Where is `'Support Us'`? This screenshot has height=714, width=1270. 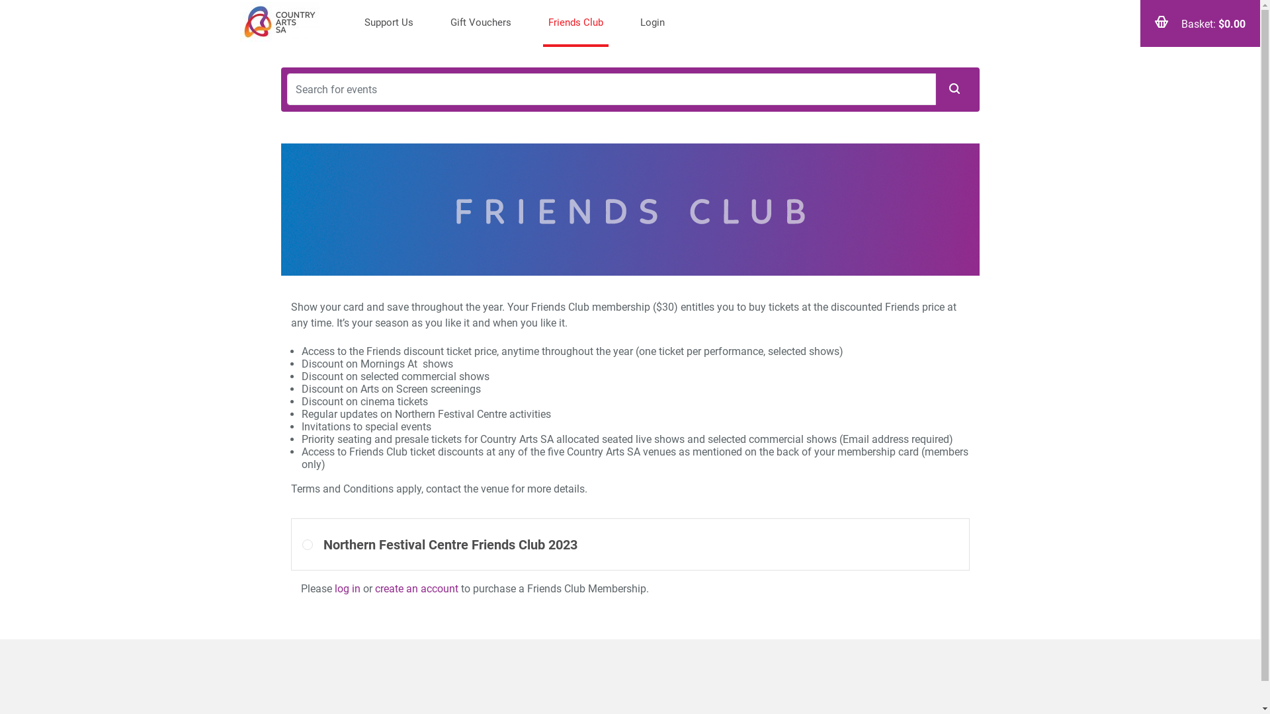 'Support Us' is located at coordinates (387, 23).